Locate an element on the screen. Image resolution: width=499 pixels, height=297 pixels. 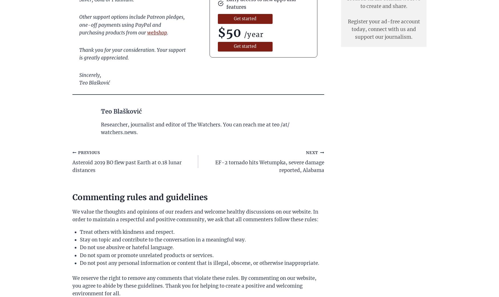
'Next' is located at coordinates (312, 153).